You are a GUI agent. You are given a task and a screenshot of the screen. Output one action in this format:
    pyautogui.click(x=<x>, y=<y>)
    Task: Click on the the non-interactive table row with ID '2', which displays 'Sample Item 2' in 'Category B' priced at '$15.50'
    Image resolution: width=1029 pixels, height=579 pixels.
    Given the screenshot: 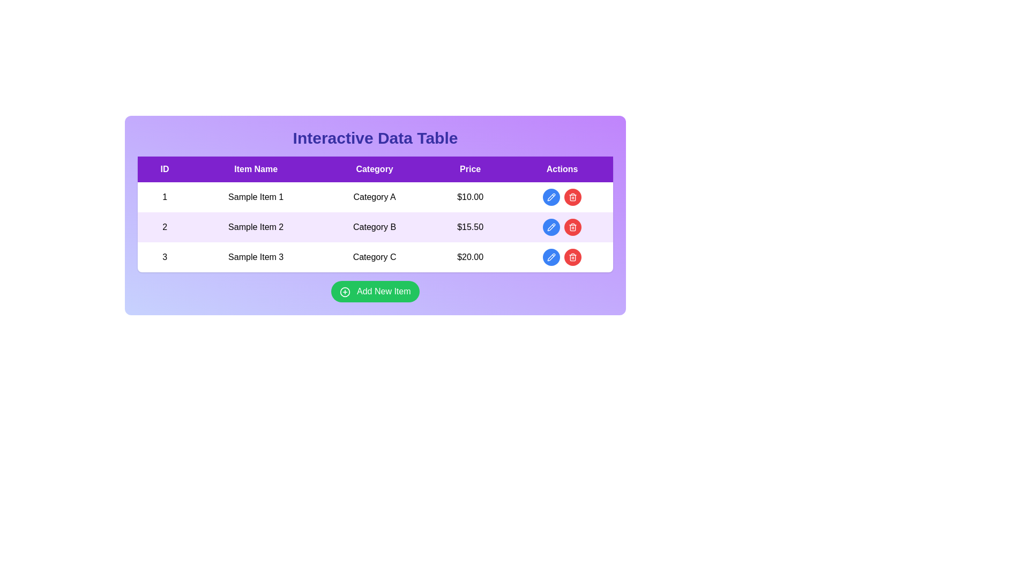 What is the action you would take?
    pyautogui.click(x=375, y=227)
    